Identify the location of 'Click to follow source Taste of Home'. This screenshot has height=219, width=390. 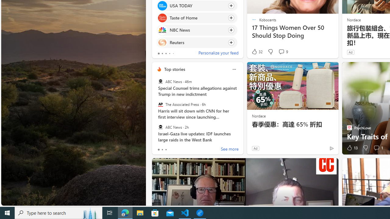
(197, 18).